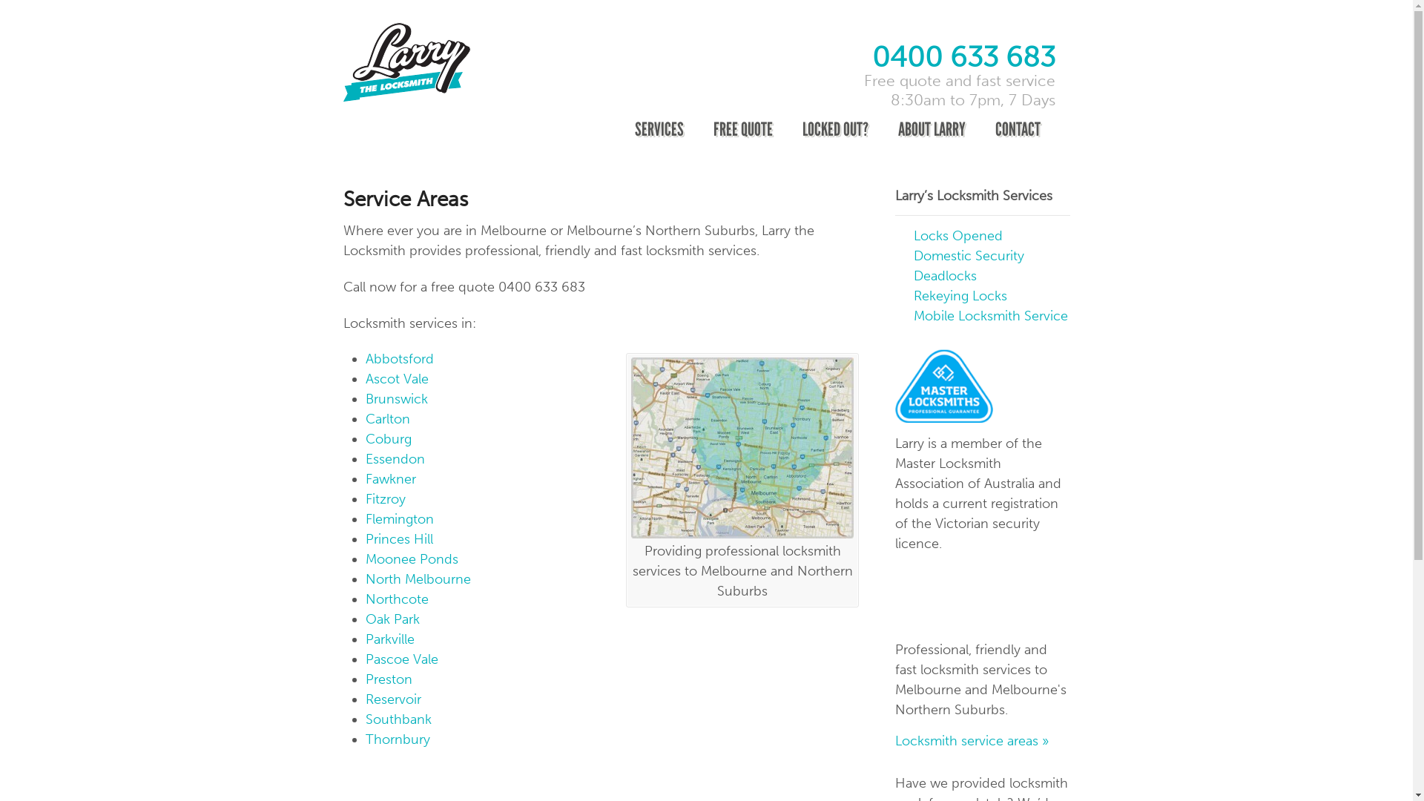  Describe the element at coordinates (398, 538) in the screenshot. I see `'Princes Hill'` at that location.